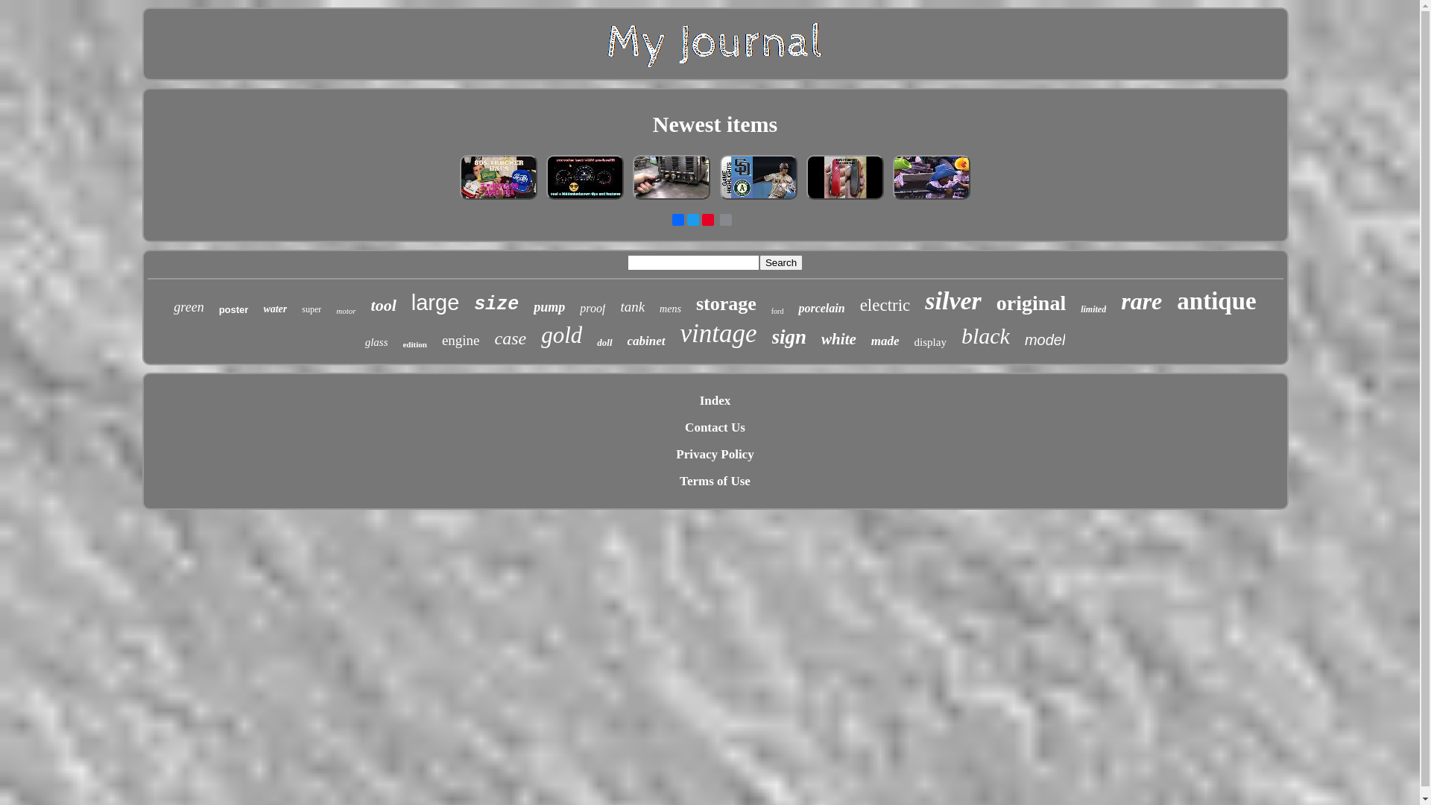  What do you see at coordinates (821, 307) in the screenshot?
I see `'porcelain'` at bounding box center [821, 307].